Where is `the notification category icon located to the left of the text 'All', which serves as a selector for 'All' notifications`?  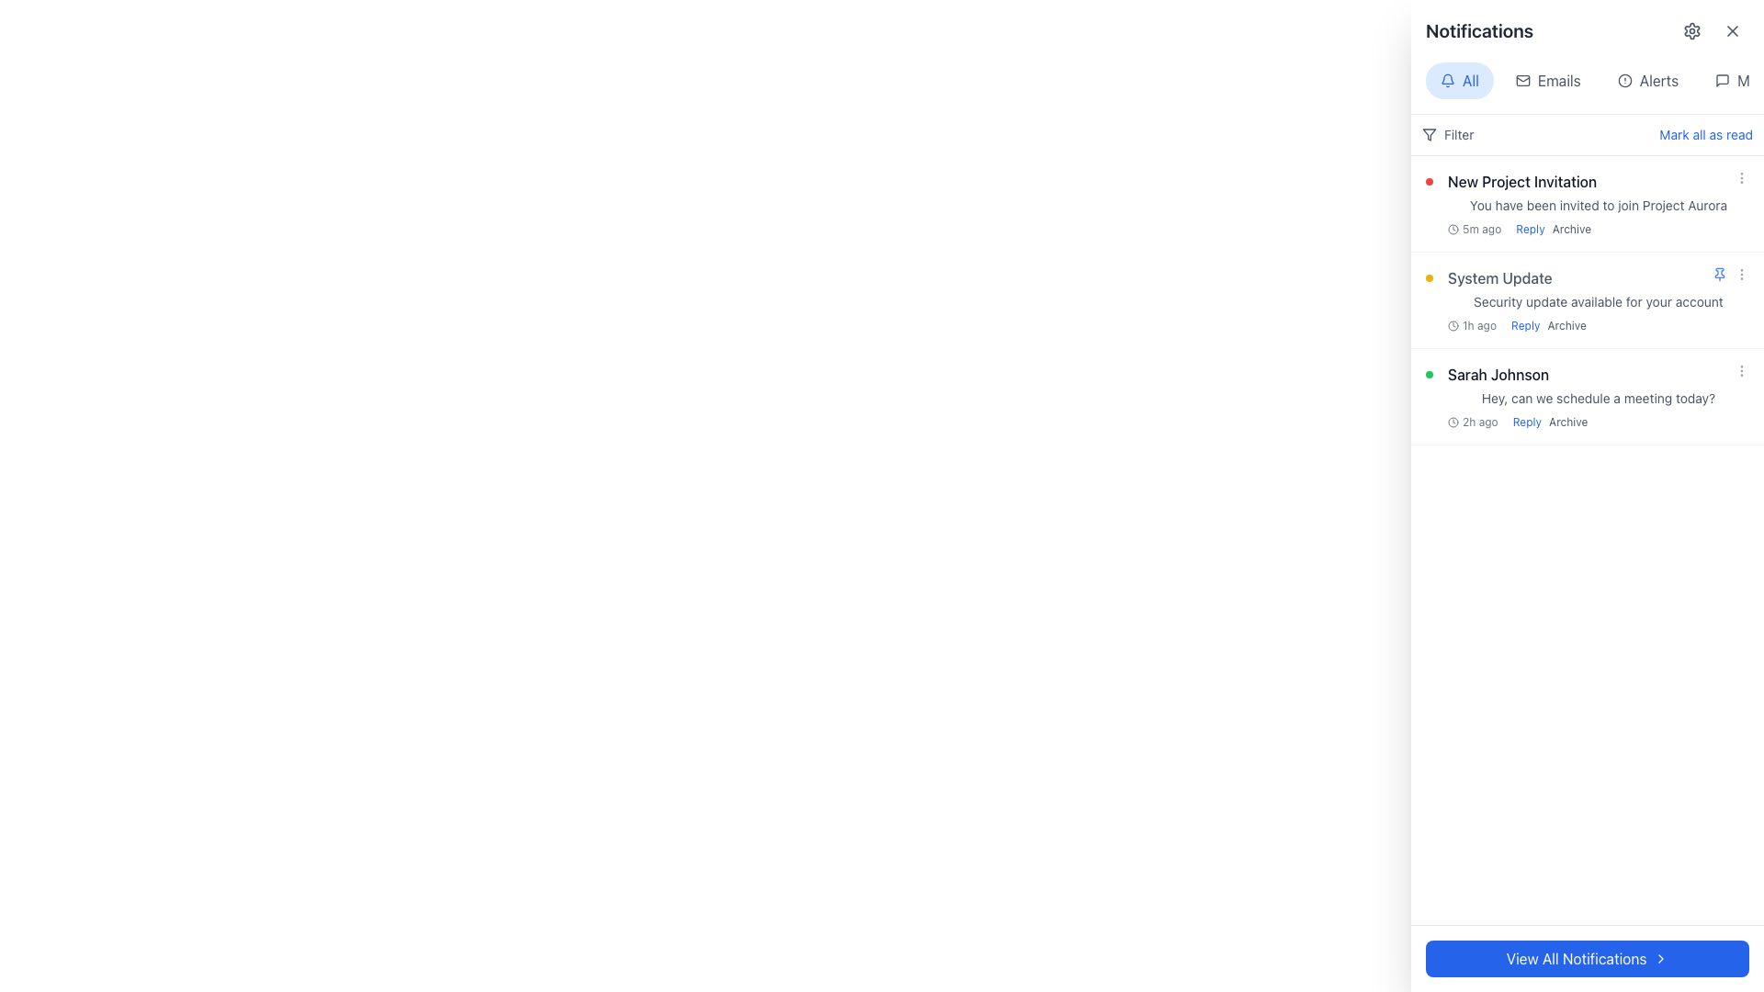
the notification category icon located to the left of the text 'All', which serves as a selector for 'All' notifications is located at coordinates (1446, 80).